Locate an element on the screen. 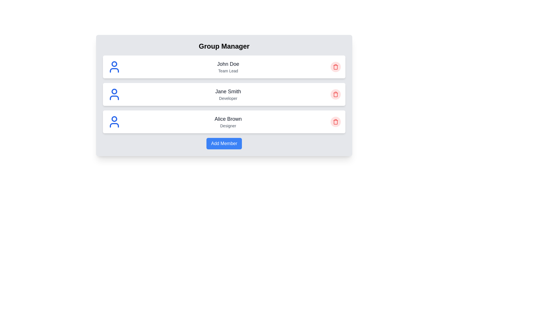 This screenshot has width=549, height=309. the body of the user icon representing 'Jane Smith', which is located in the second row of user cards is located at coordinates (114, 98).